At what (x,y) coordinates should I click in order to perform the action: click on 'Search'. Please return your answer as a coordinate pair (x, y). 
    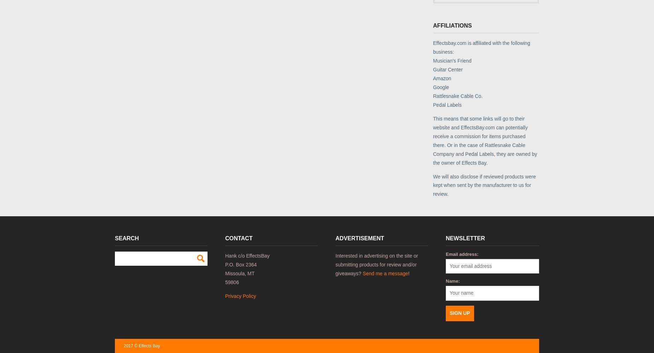
    Looking at the image, I should click on (126, 238).